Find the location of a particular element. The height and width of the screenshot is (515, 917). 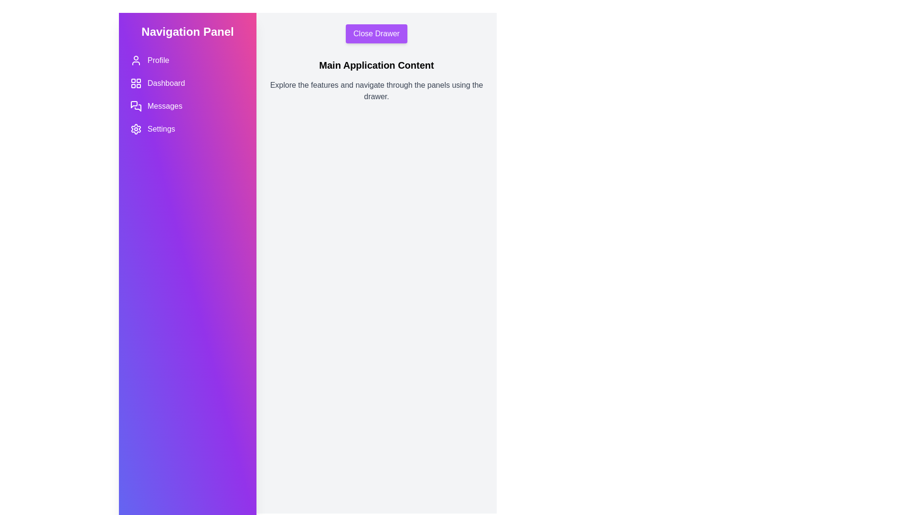

the 'Main Application Content' text and prepare to interact with it is located at coordinates (376, 65).